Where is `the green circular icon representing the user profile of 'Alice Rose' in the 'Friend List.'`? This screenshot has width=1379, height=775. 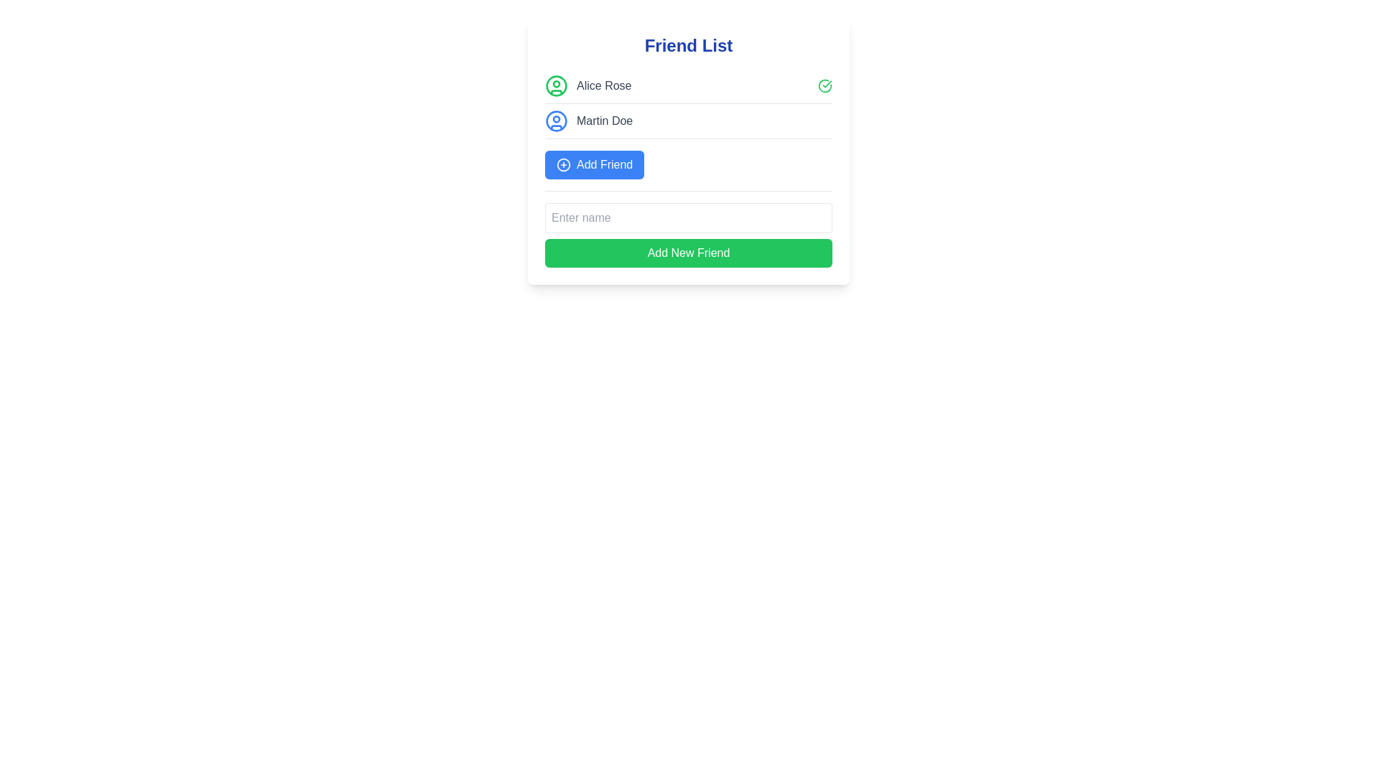 the green circular icon representing the user profile of 'Alice Rose' in the 'Friend List.' is located at coordinates (555, 85).